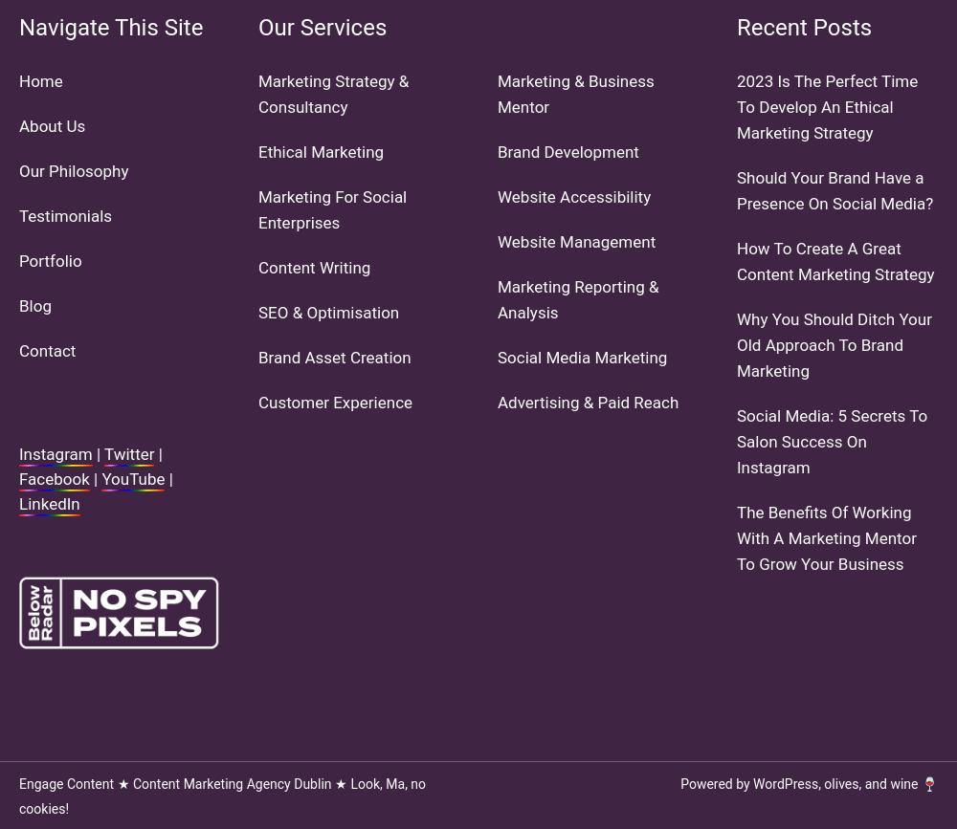  I want to click on 'Content Writing', so click(313, 267).